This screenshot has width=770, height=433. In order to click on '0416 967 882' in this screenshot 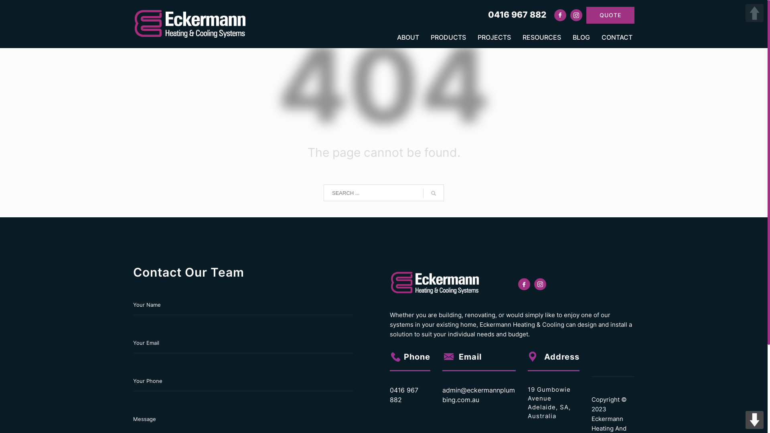, I will do `click(488, 14)`.